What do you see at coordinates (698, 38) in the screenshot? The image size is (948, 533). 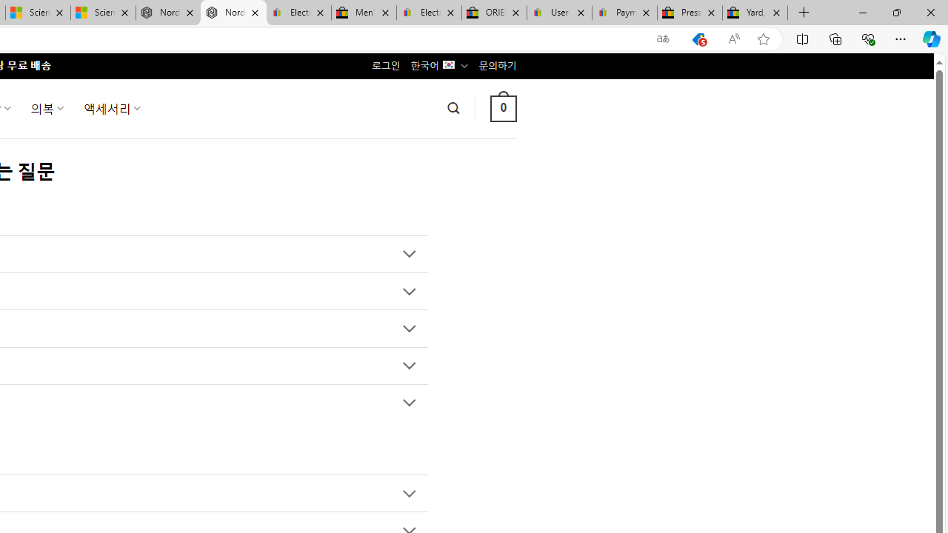 I see `'This site has coupons! Shopping in Microsoft Edge, 5'` at bounding box center [698, 38].